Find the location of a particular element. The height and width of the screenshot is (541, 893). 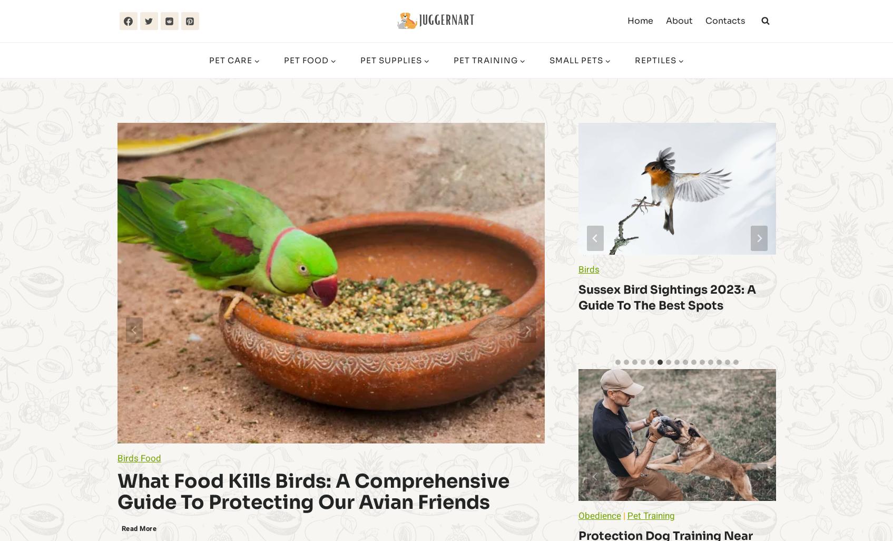

'Accessories' is located at coordinates (816, 269).